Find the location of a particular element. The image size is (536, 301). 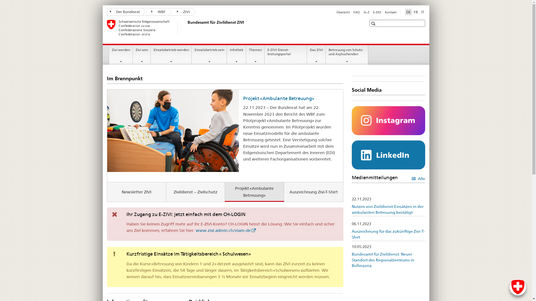

'www.zivi.admin.ch/eiam-de' is located at coordinates (225, 230).